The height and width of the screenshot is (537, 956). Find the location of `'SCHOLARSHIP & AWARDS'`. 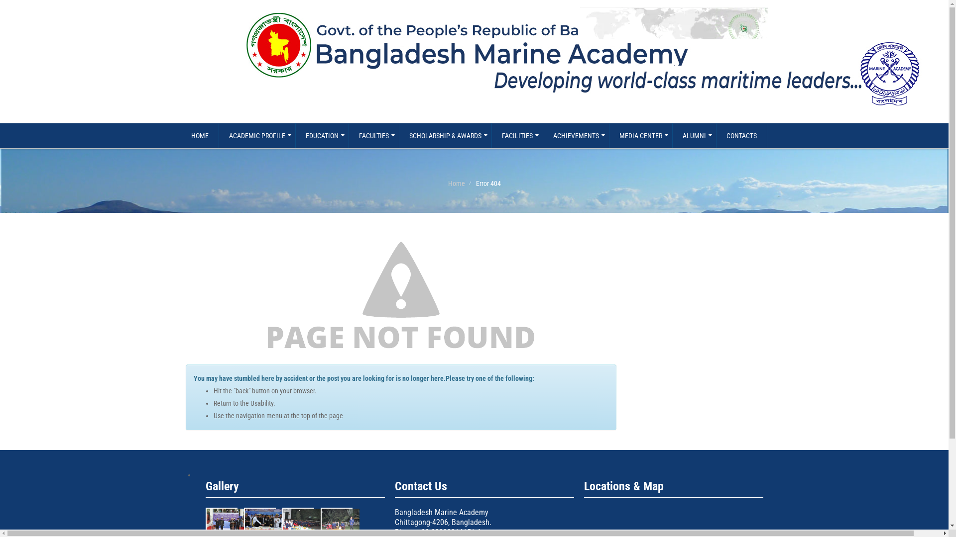

'SCHOLARSHIP & AWARDS' is located at coordinates (444, 136).